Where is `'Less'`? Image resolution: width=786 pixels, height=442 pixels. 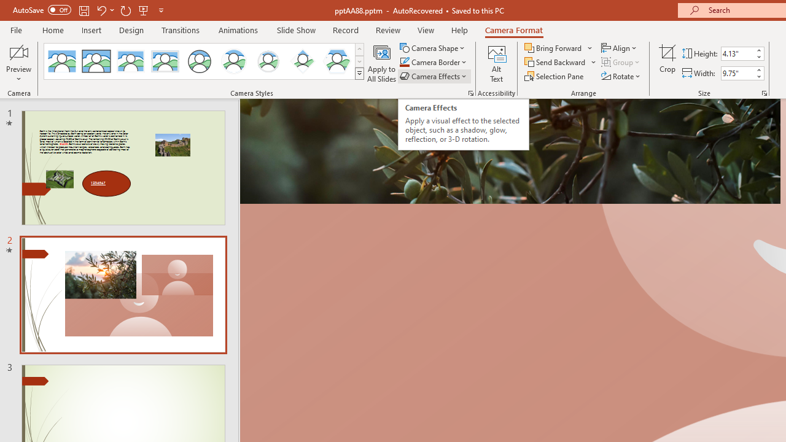 'Less' is located at coordinates (758, 76).